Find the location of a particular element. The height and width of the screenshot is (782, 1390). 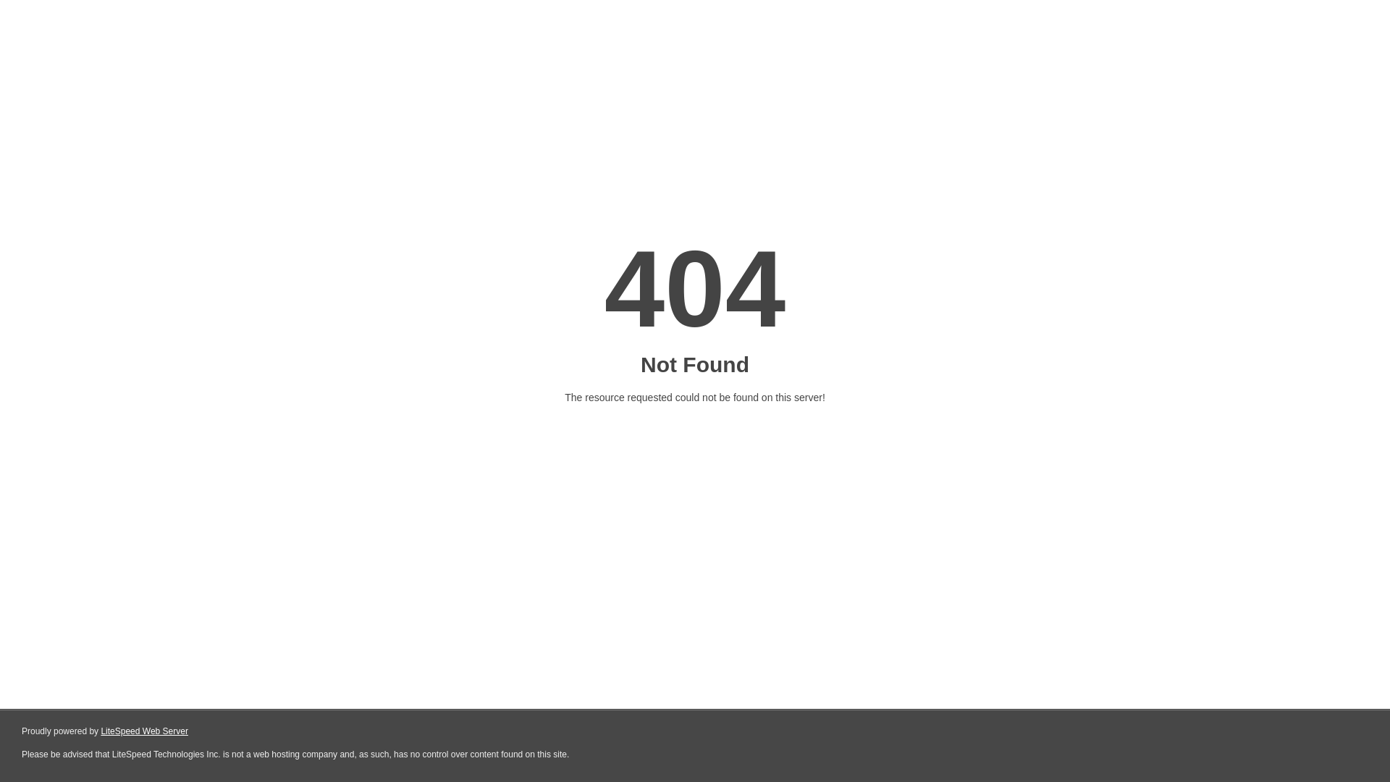

'LiteSpeed Web Server' is located at coordinates (100, 731).